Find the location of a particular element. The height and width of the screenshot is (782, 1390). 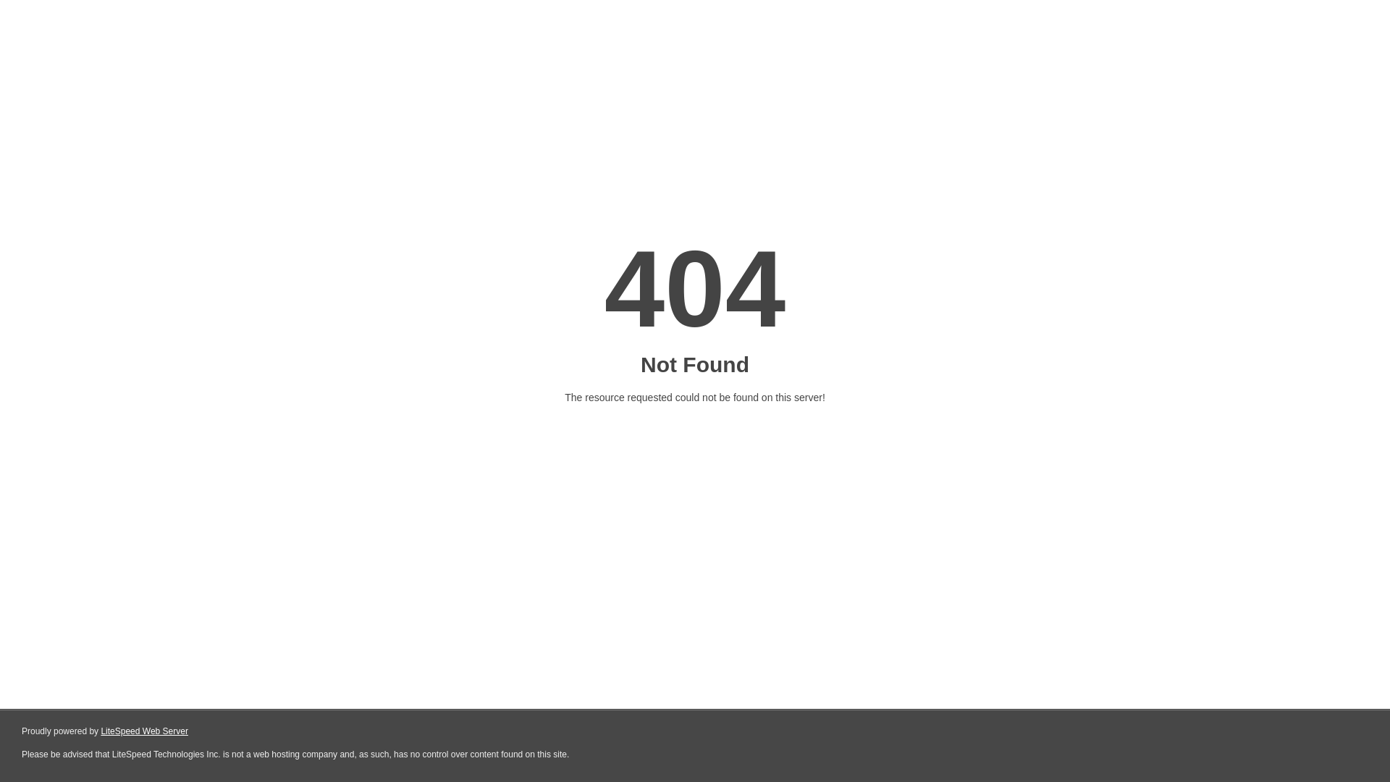

'LiteSpeed Web Server' is located at coordinates (100, 731).